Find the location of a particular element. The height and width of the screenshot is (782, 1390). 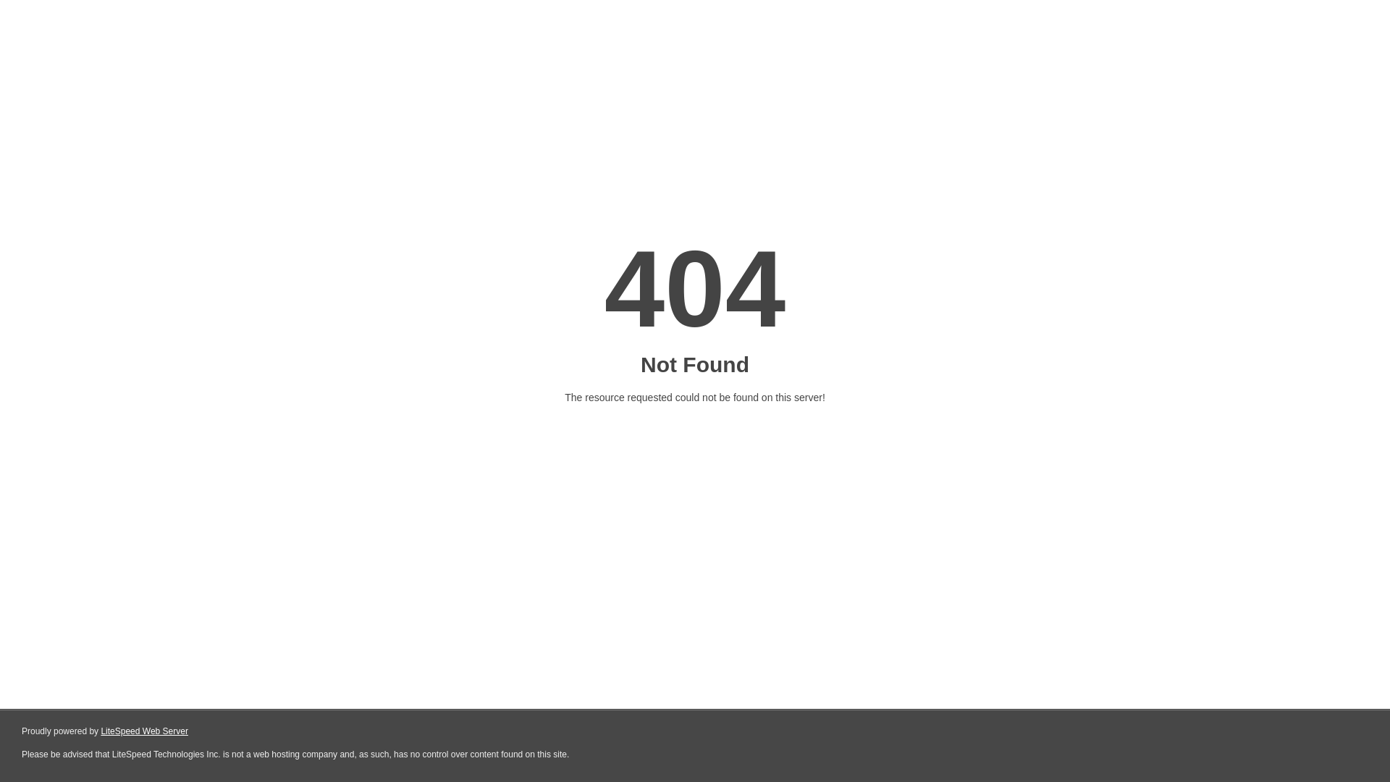

'LiteSpeed Web Server' is located at coordinates (100, 731).